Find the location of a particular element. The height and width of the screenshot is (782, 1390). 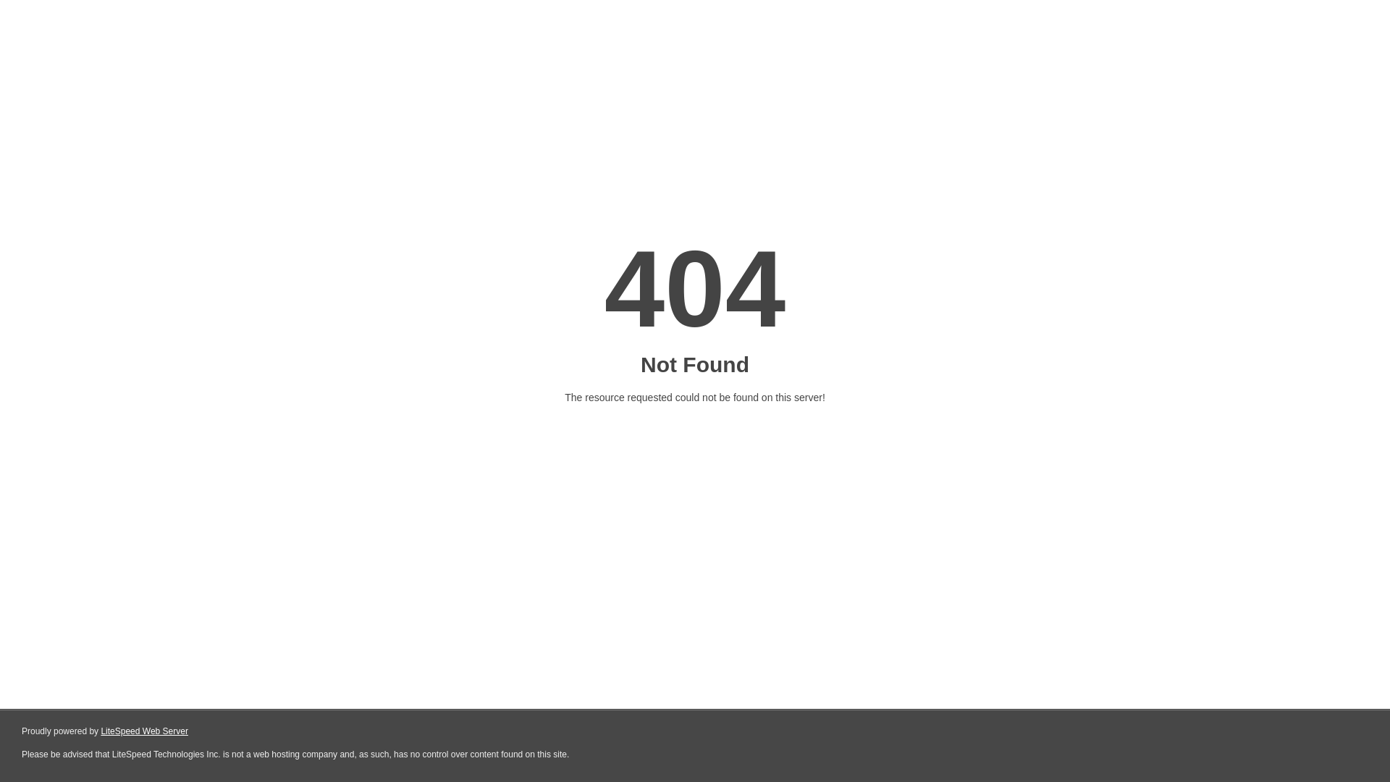

'LiteSpeed Web Server' is located at coordinates (100, 731).